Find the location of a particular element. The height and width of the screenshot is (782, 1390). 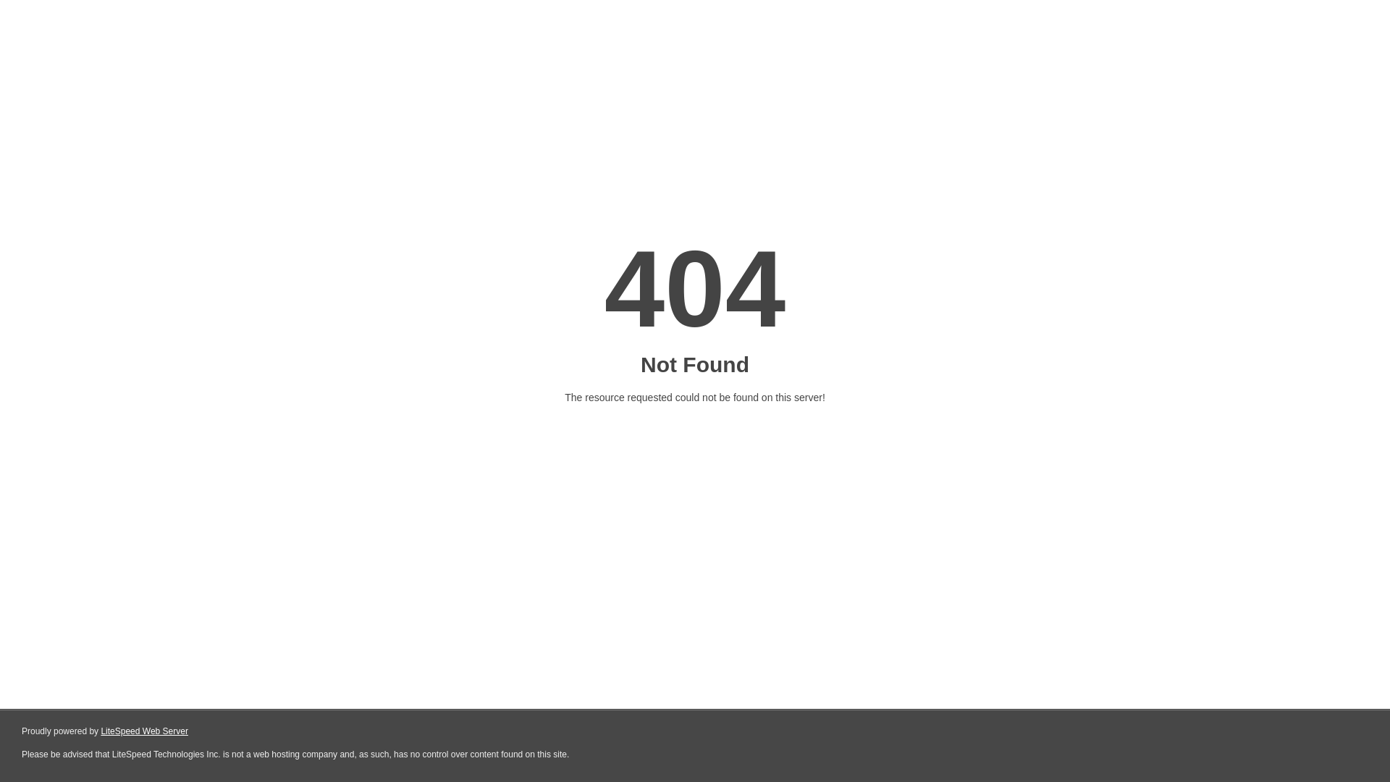

'LiteSpeed Web Server' is located at coordinates (100, 731).